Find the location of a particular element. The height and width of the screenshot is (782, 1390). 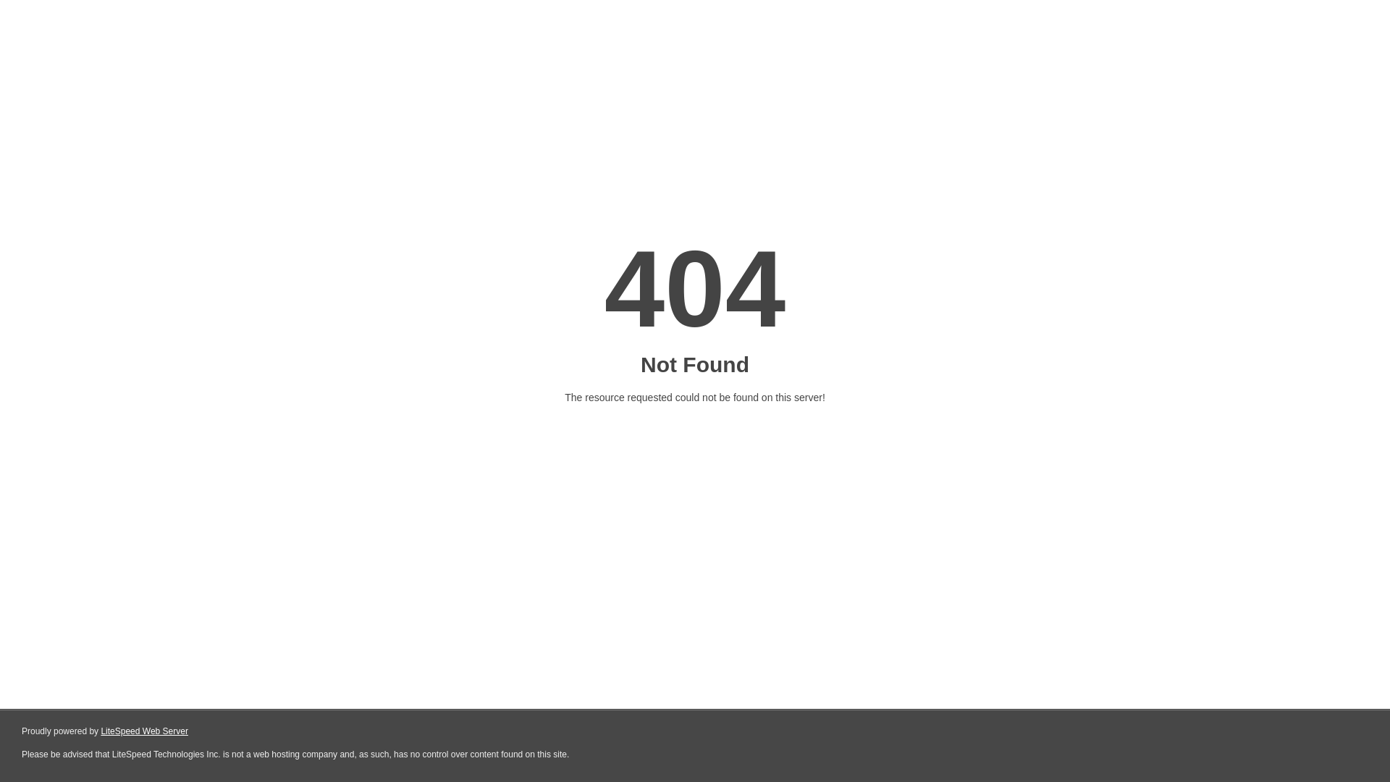

'LiteSpeed Web Server' is located at coordinates (100, 731).